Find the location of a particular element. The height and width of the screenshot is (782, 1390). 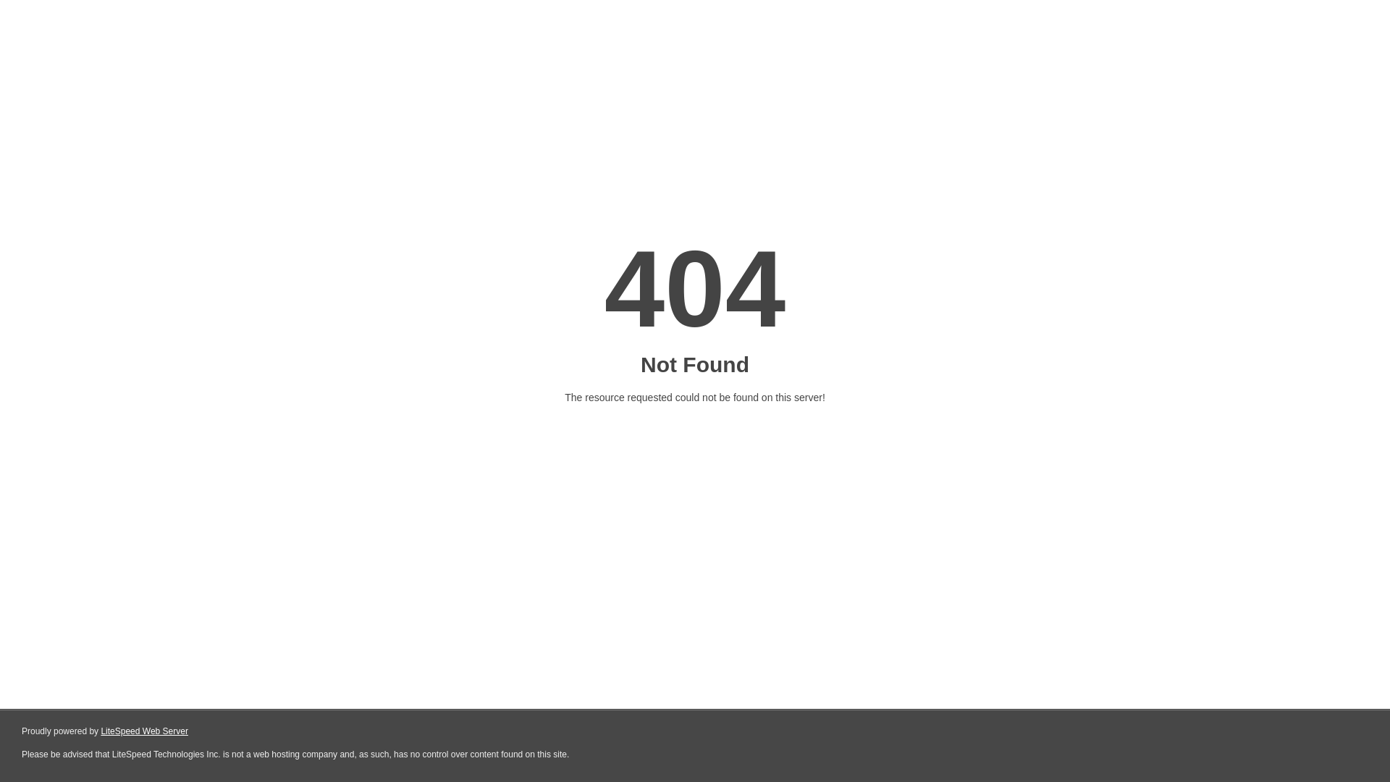

'LiteSpeed Web Server' is located at coordinates (100, 731).